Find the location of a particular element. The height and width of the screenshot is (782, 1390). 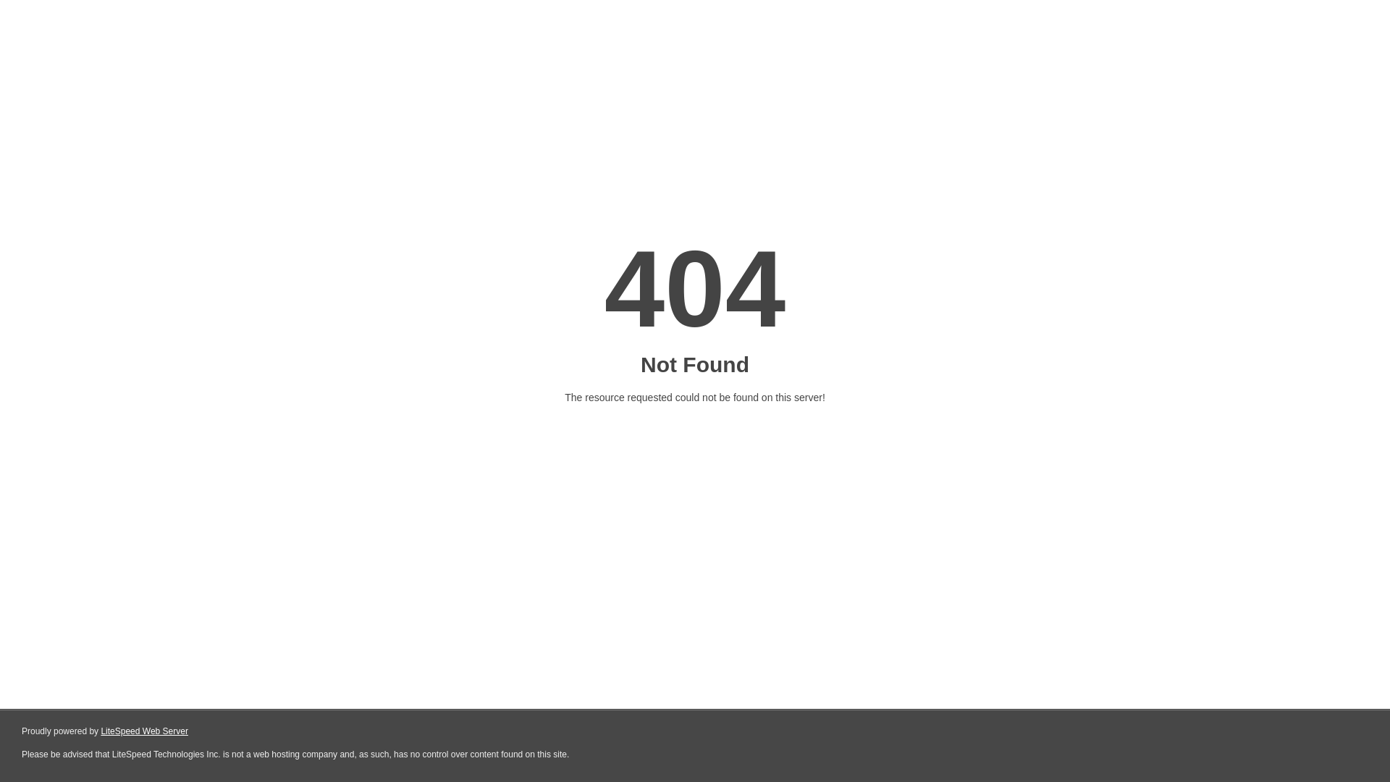

'LiteSpeed Web Server' is located at coordinates (100, 731).